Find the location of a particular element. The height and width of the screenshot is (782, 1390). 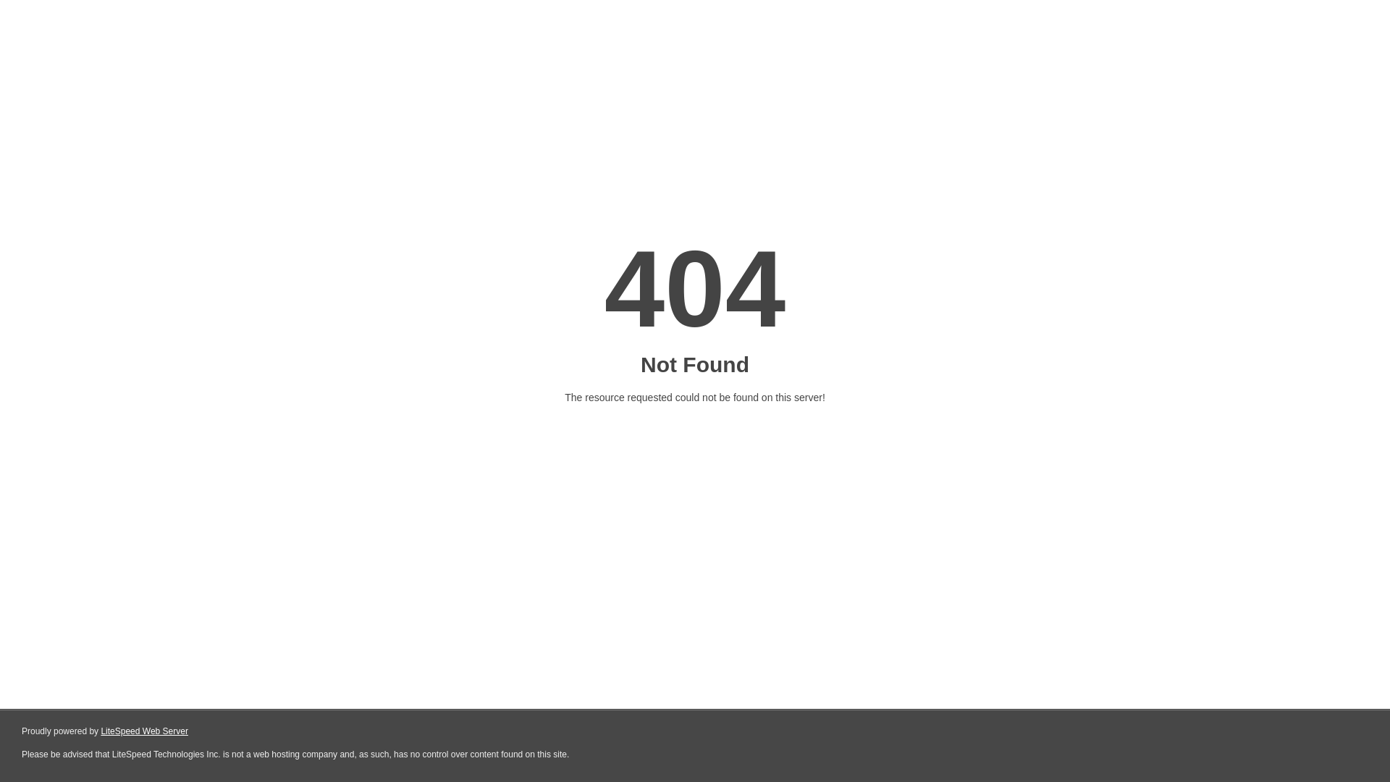

'LiteSpeed Web Server' is located at coordinates (100, 731).